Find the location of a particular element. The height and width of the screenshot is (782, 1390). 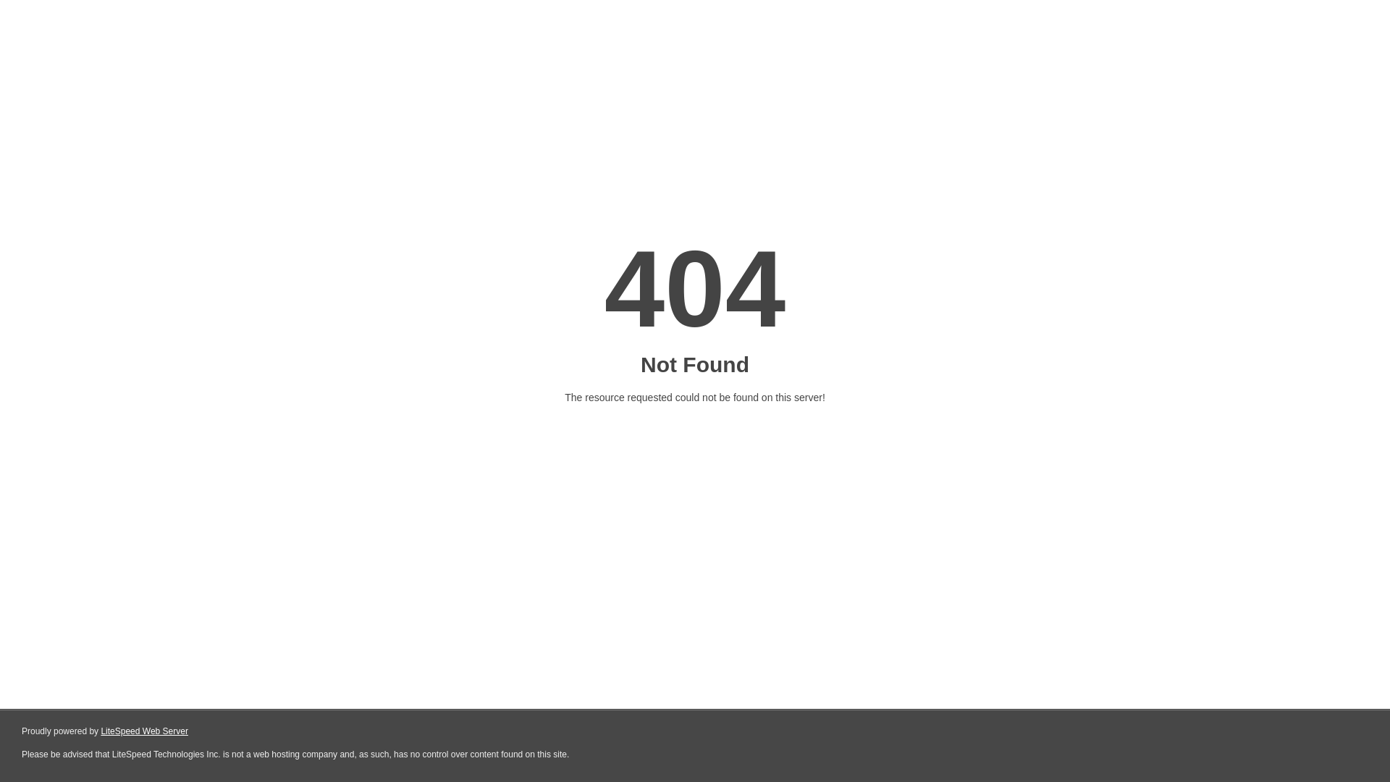

'LiteSpeed Web Server' is located at coordinates (100, 731).